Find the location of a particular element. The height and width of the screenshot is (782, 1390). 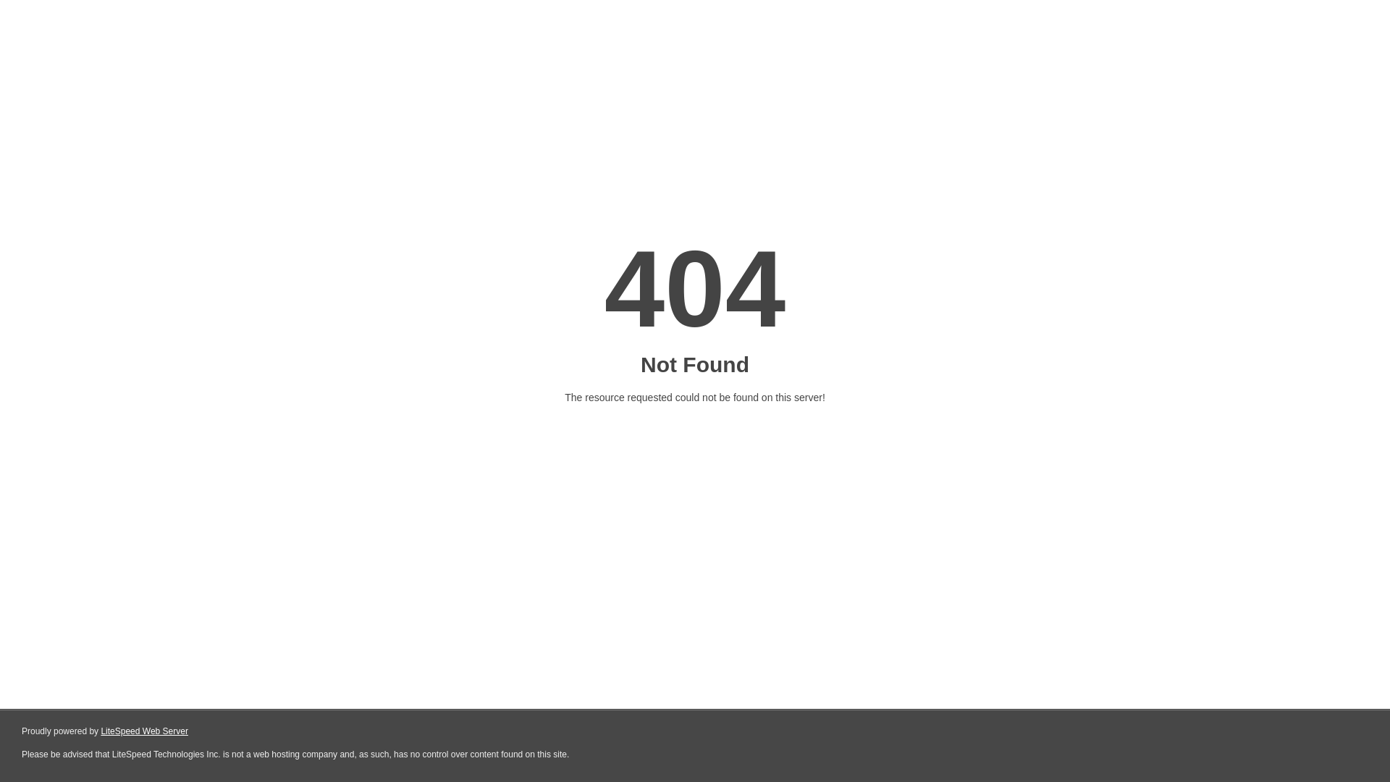

'LiteSpeed Web Server' is located at coordinates (100, 731).